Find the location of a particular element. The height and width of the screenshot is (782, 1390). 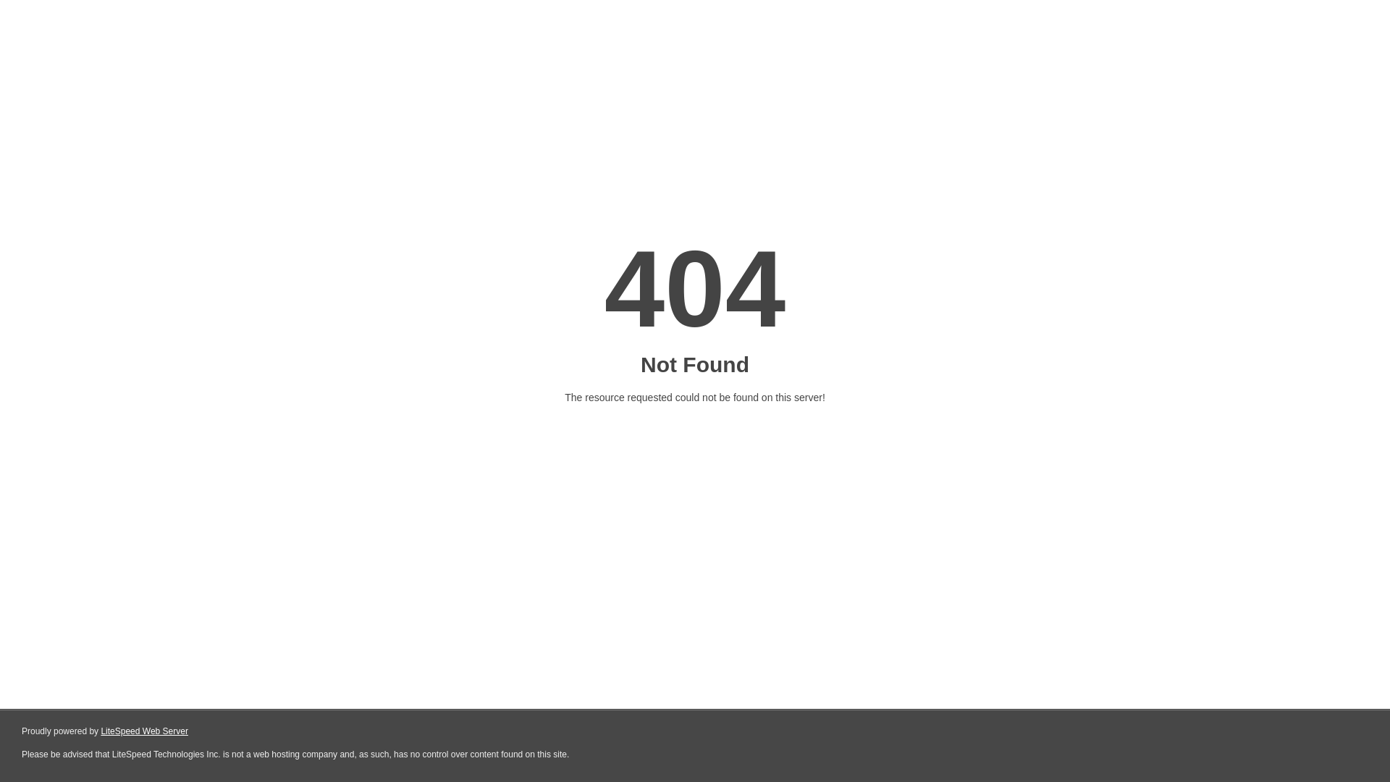

'LiteSpeed Web Server' is located at coordinates (100, 731).